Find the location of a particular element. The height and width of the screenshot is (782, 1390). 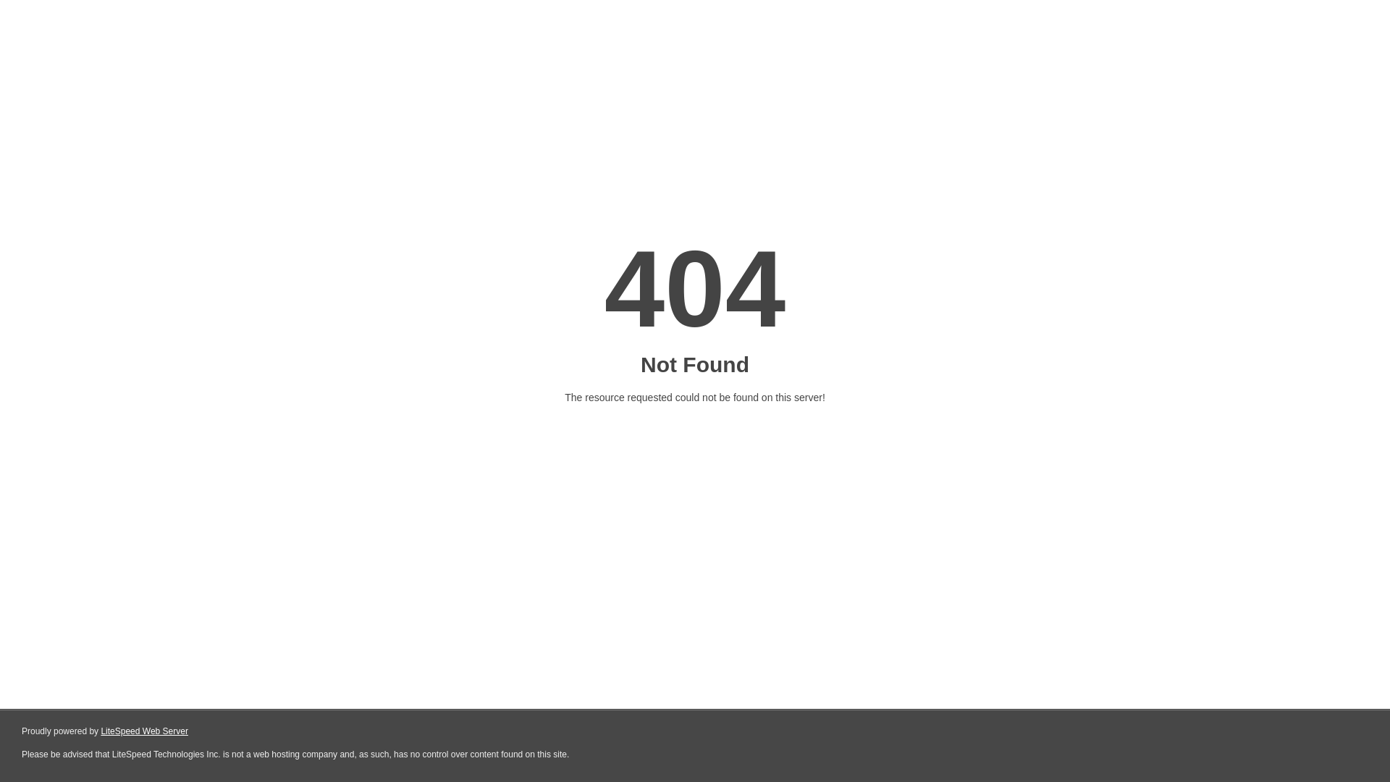

'LiteSpeed Web Server' is located at coordinates (100, 731).